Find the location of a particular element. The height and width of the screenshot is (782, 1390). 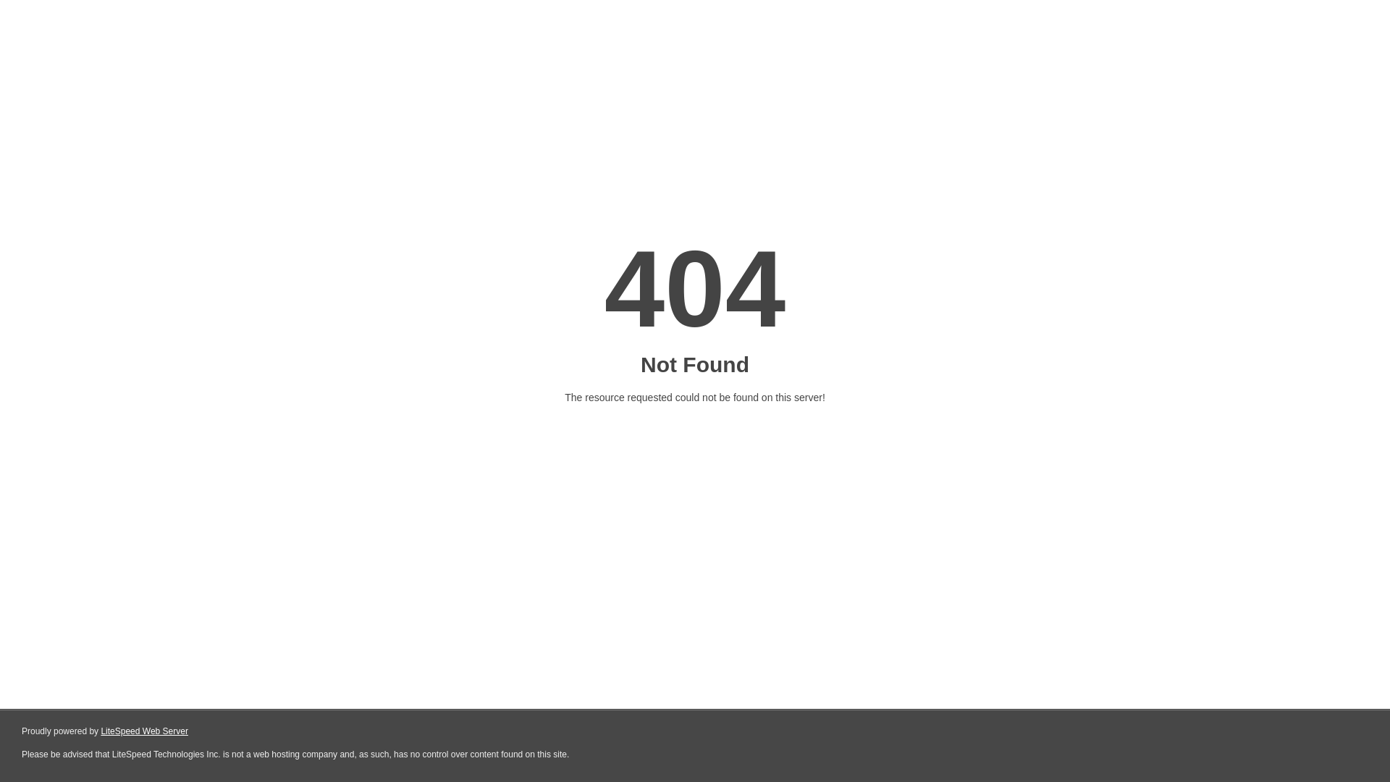

'LiteSpeed Web Server' is located at coordinates (100, 731).